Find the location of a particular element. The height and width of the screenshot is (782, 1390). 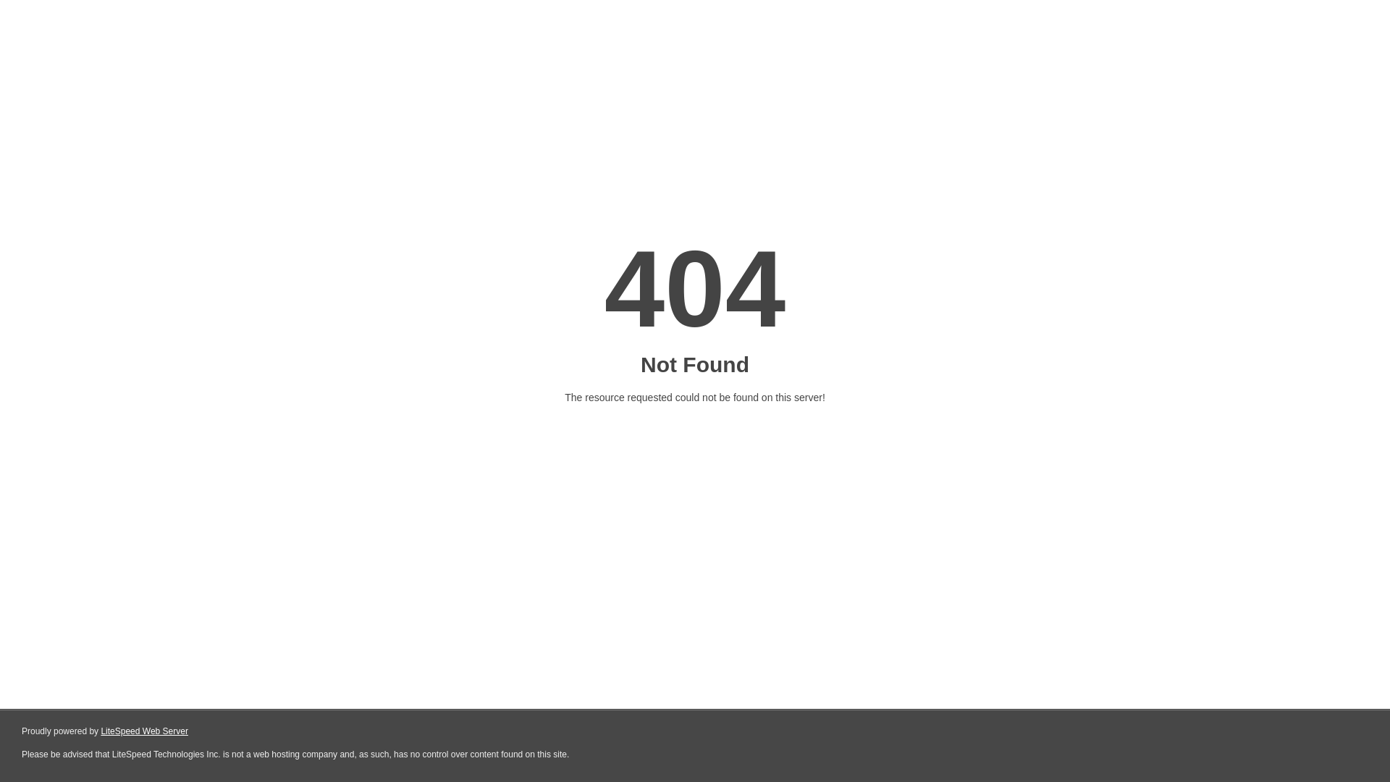

'LiteSpeed Web Server' is located at coordinates (100, 731).